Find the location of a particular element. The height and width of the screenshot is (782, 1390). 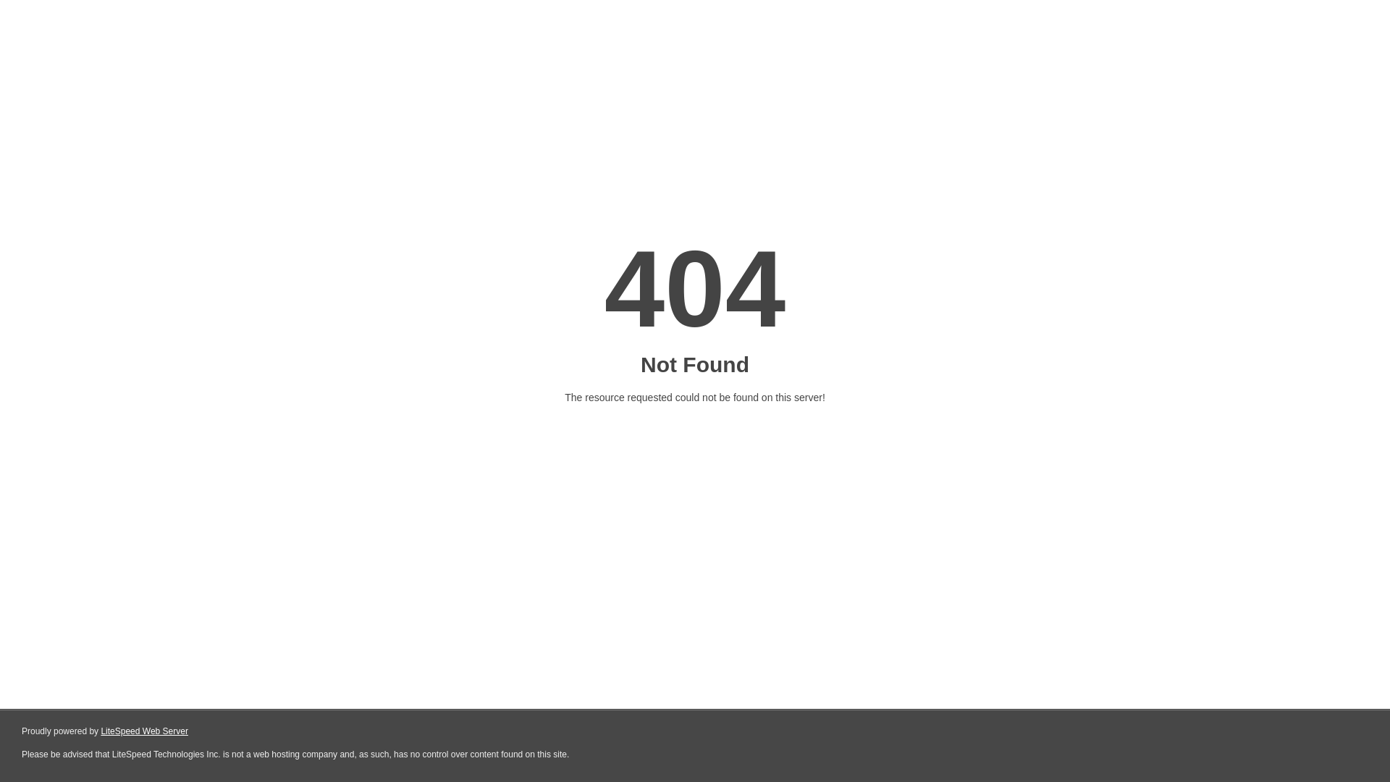

'LiteSpeed Web Server' is located at coordinates (100, 731).